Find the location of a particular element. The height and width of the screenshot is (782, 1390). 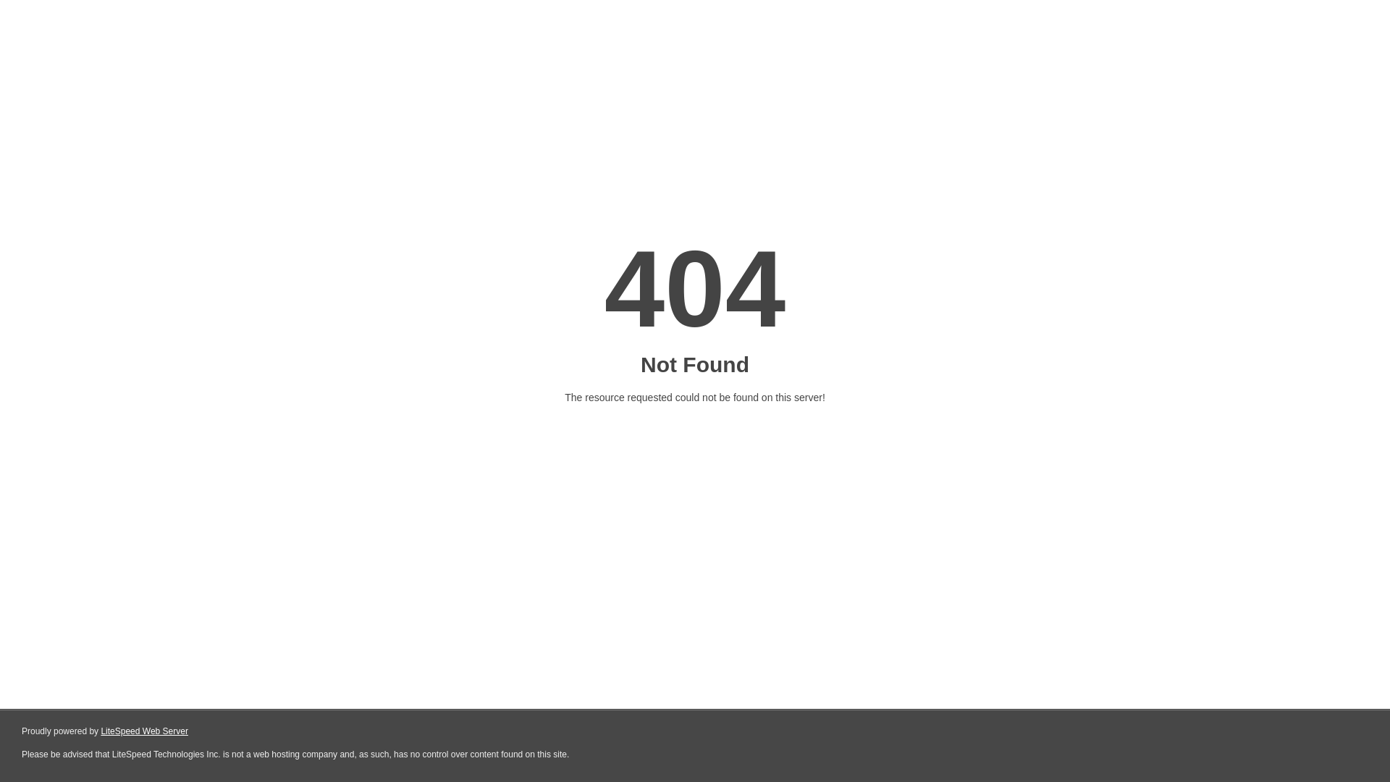

'LiteSpeed Web Server' is located at coordinates (100, 731).